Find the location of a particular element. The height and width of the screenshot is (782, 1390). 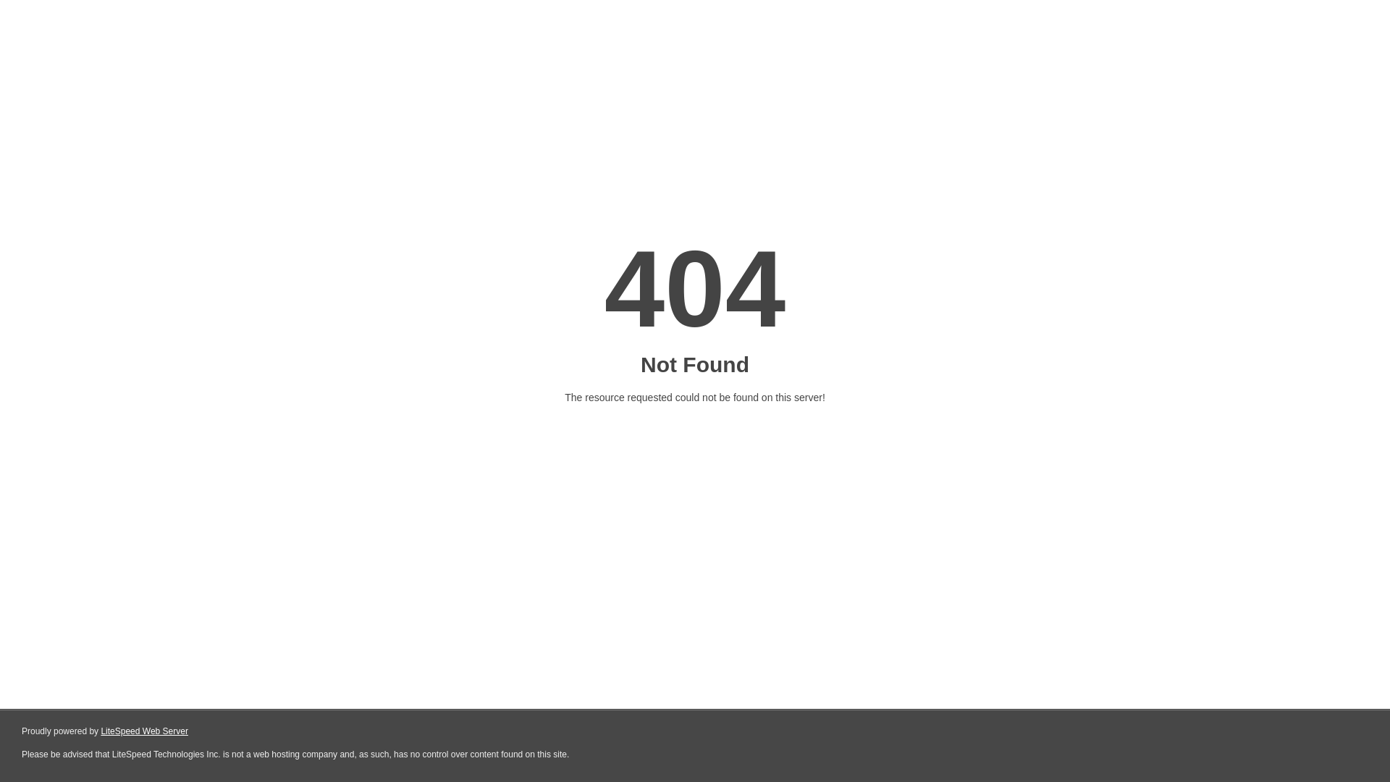

'LiteSpeed Web Server' is located at coordinates (100, 731).